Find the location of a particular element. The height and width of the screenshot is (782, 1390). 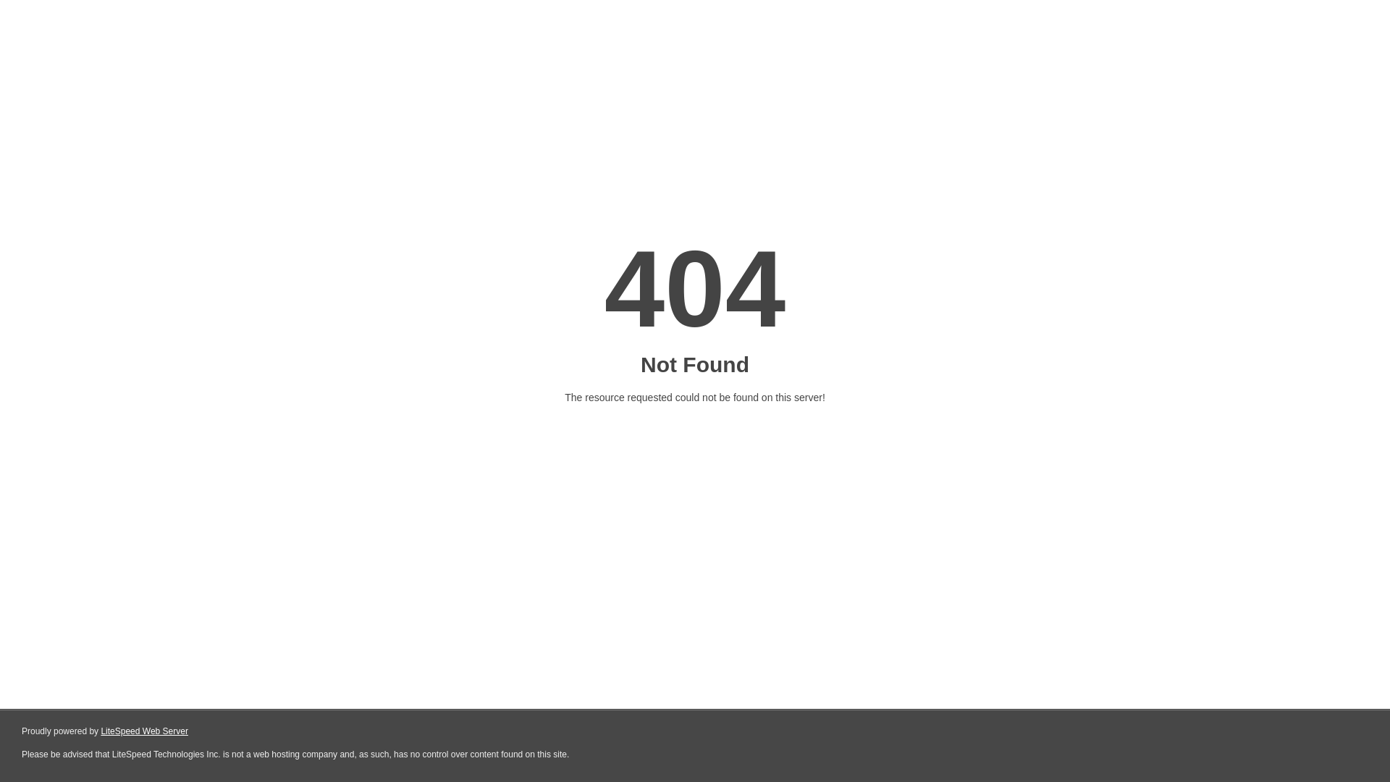

'LiteSpeed Web Server' is located at coordinates (100, 731).